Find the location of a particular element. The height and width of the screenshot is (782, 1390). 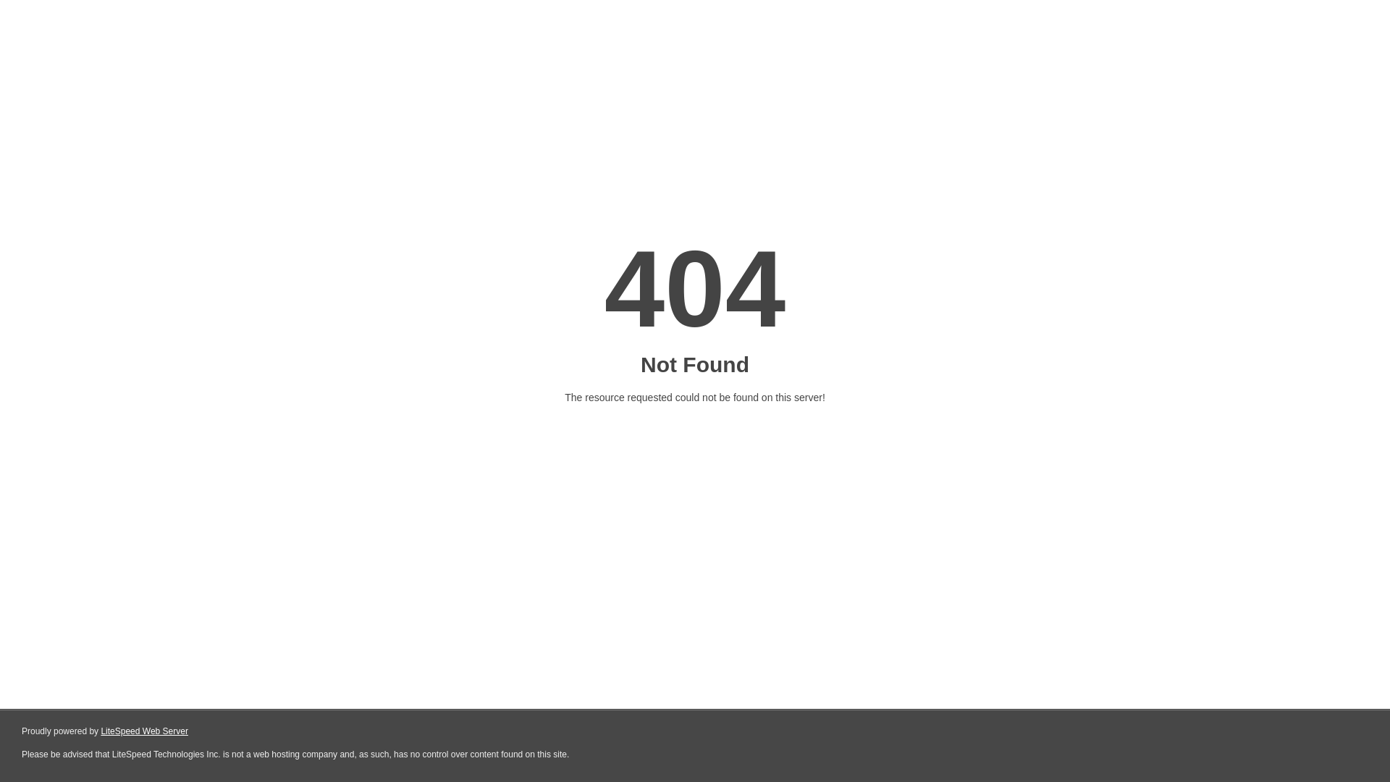

'LiteSpeed Web Server' is located at coordinates (100, 731).